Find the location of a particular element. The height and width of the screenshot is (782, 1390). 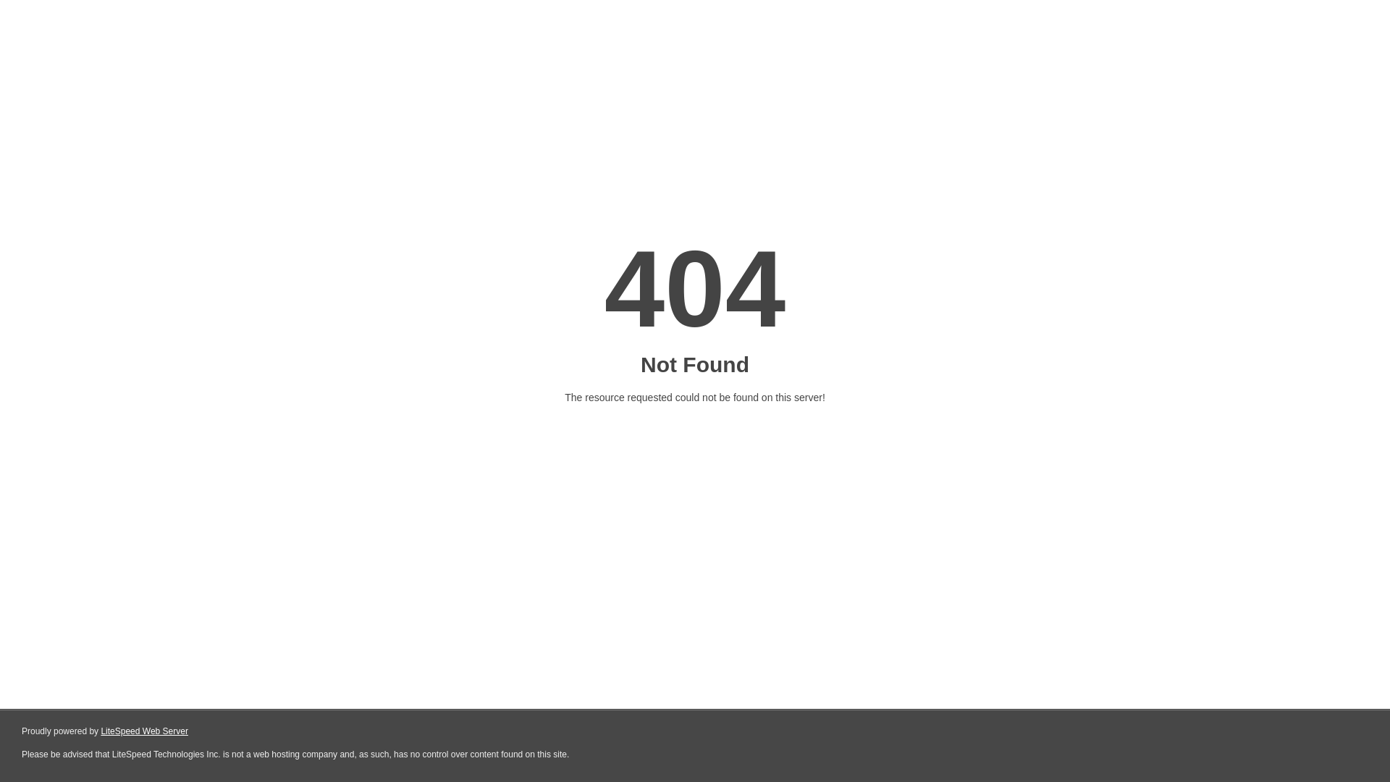

'LiteSpeed Web Server' is located at coordinates (100, 731).